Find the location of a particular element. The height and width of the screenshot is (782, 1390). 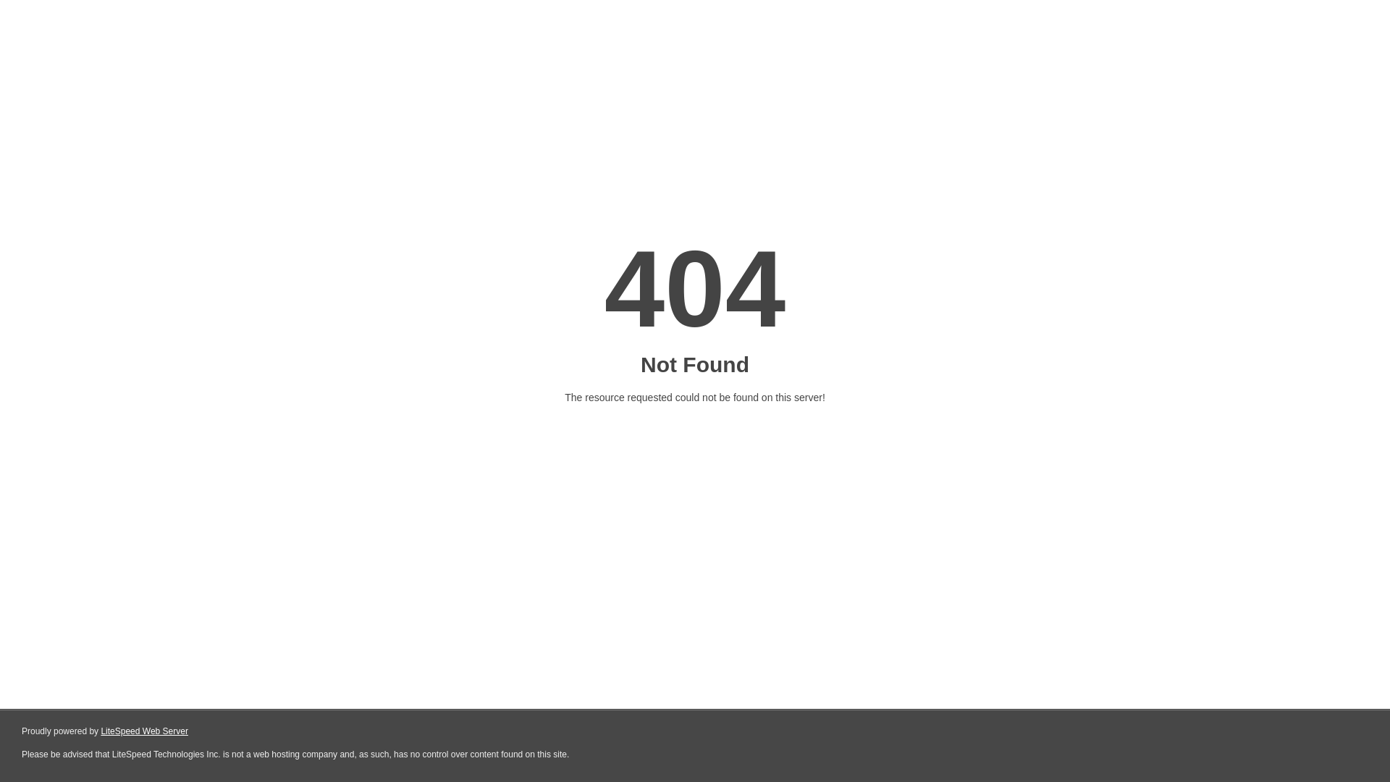

'LiteSpeed Web Server' is located at coordinates (100, 731).